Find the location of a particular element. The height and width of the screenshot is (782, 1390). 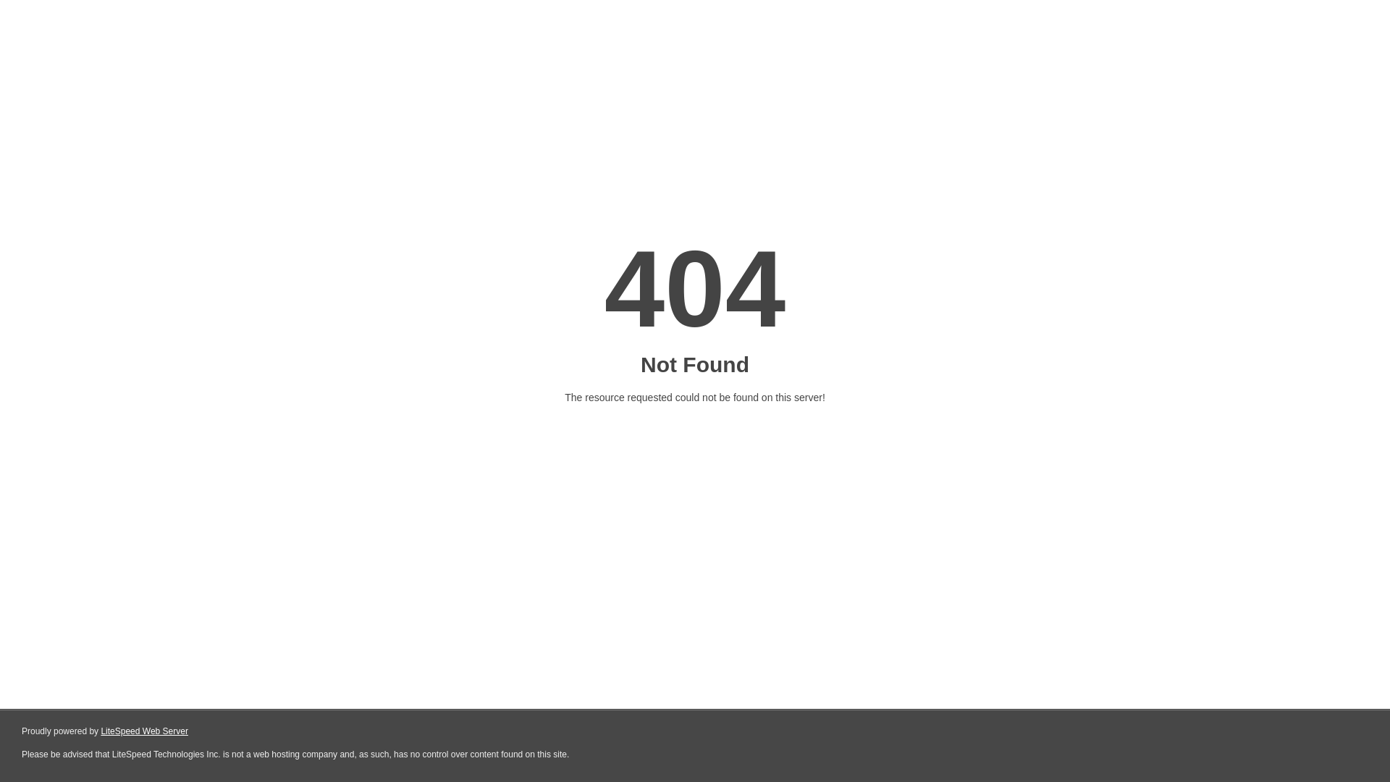

'LiteSpeed Web Server' is located at coordinates (100, 731).